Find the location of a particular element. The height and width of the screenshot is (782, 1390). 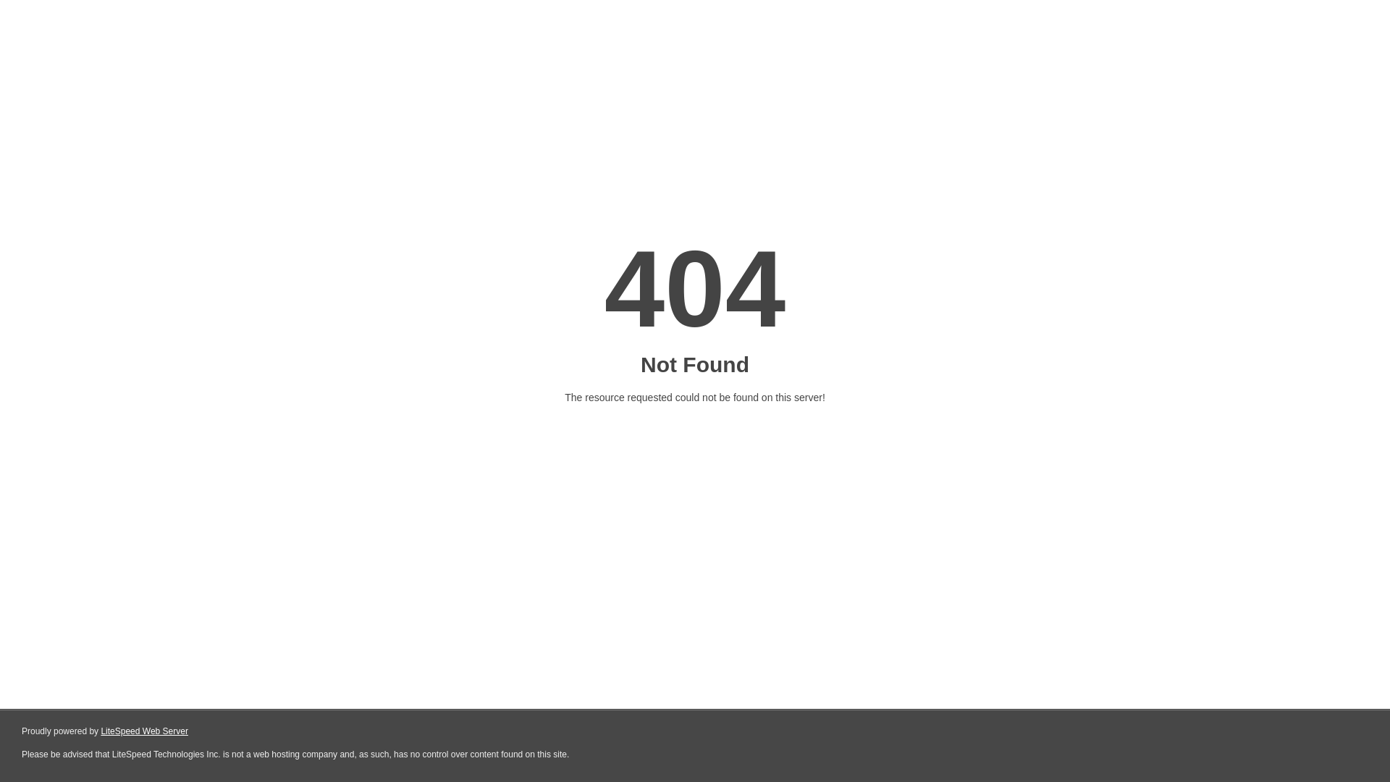

'LiteSpeed Web Server' is located at coordinates (100, 731).